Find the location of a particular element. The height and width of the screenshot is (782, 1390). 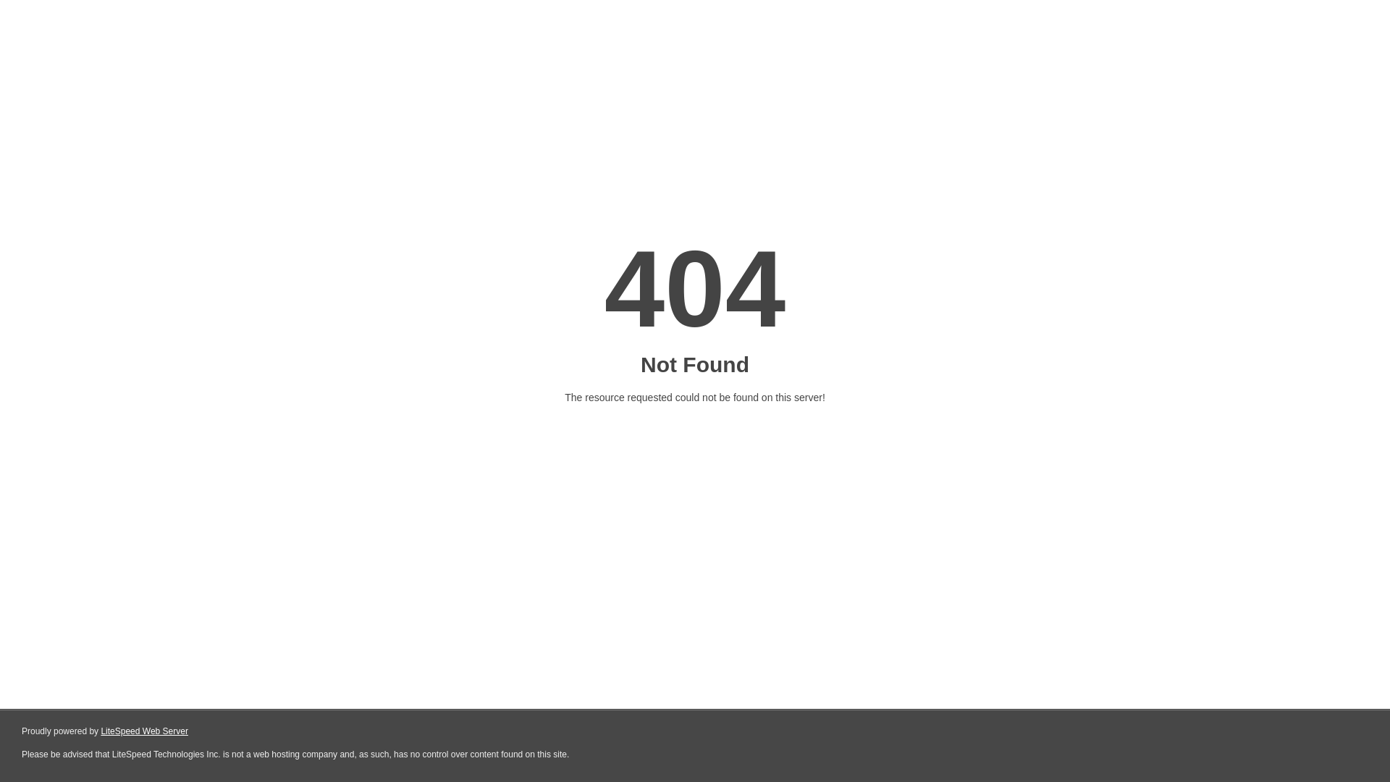

'LiteSpeed Web Server' is located at coordinates (100, 731).